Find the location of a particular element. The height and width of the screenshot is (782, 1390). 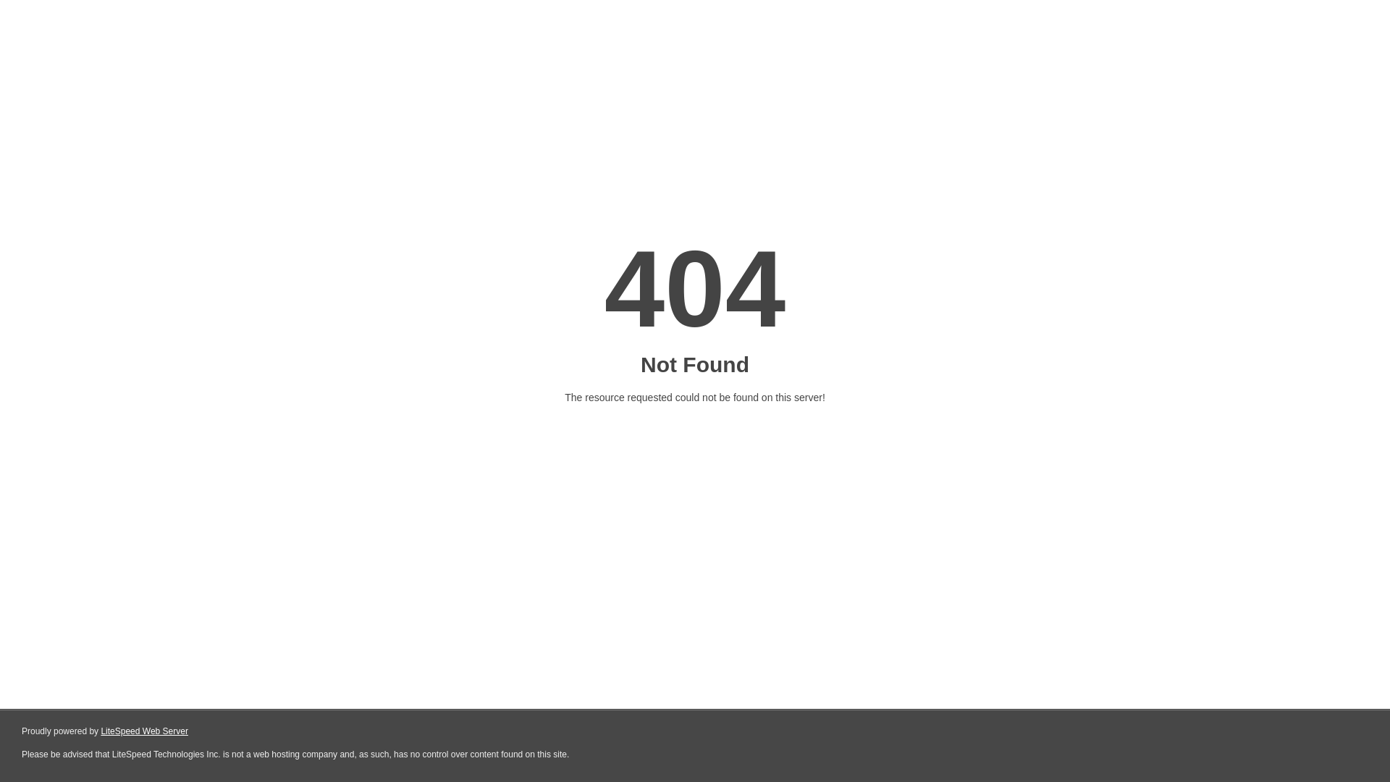

'LiteSpeed Web Server' is located at coordinates (100, 731).